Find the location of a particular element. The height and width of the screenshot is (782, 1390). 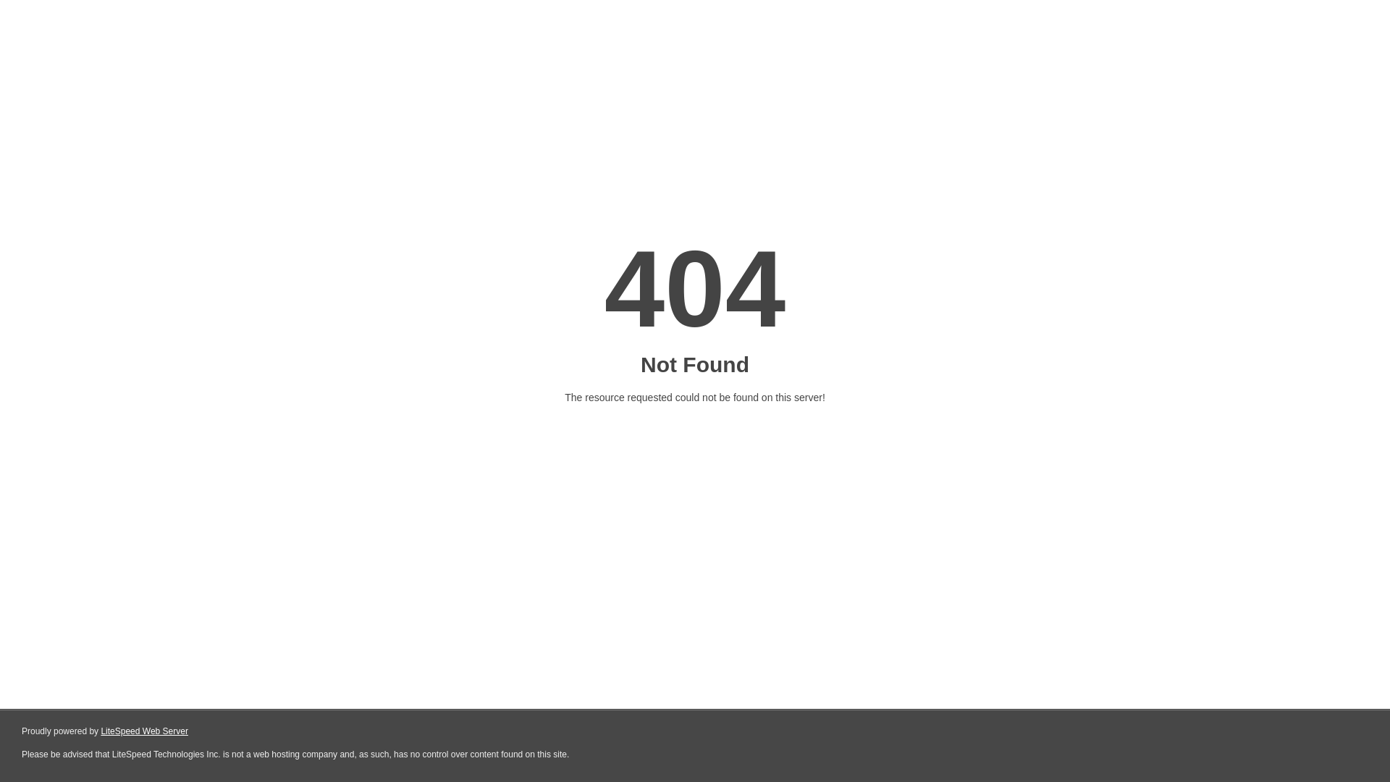

'LiteSpeed Web Server' is located at coordinates (100, 731).